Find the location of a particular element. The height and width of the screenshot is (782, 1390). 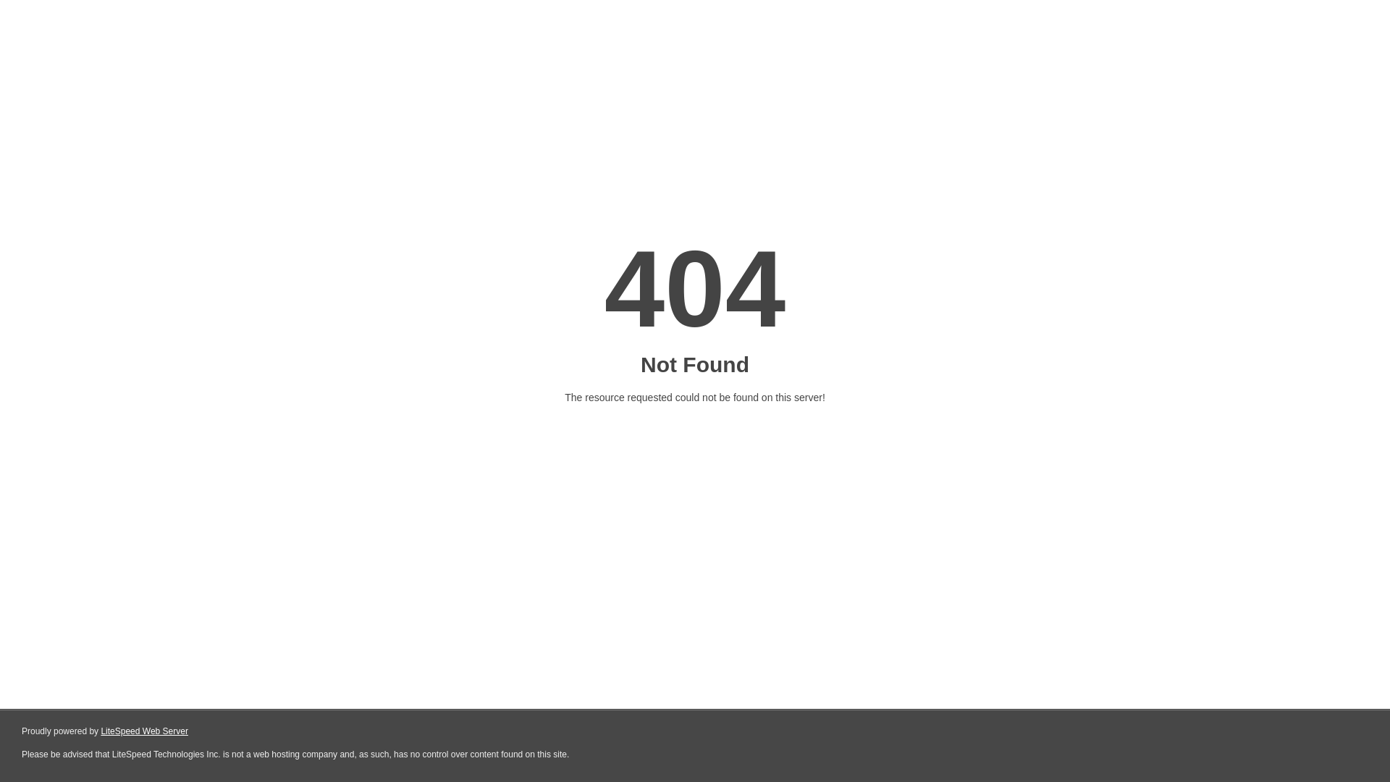

'LiteSpeed Web Server' is located at coordinates (100, 731).